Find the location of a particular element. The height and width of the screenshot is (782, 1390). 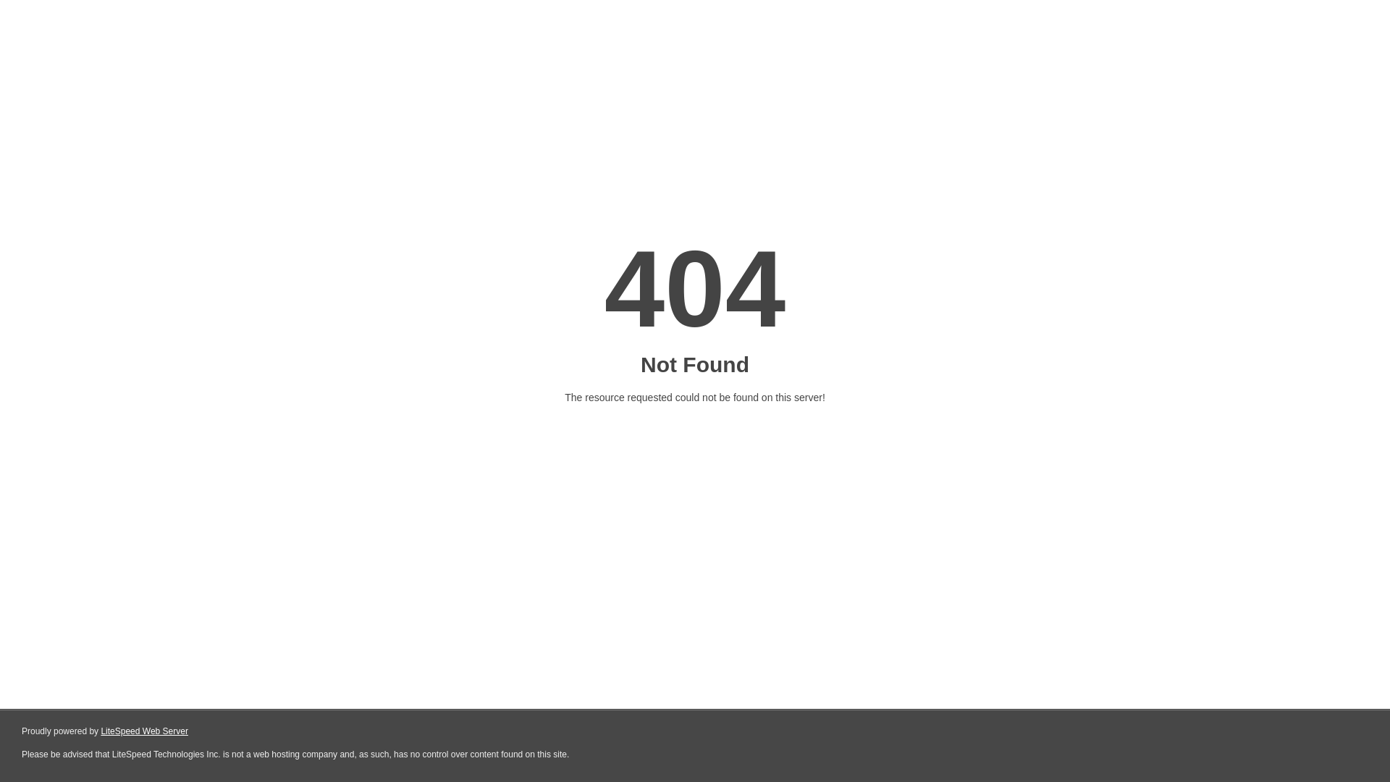

'LiteSpeed Web Server' is located at coordinates (100, 731).